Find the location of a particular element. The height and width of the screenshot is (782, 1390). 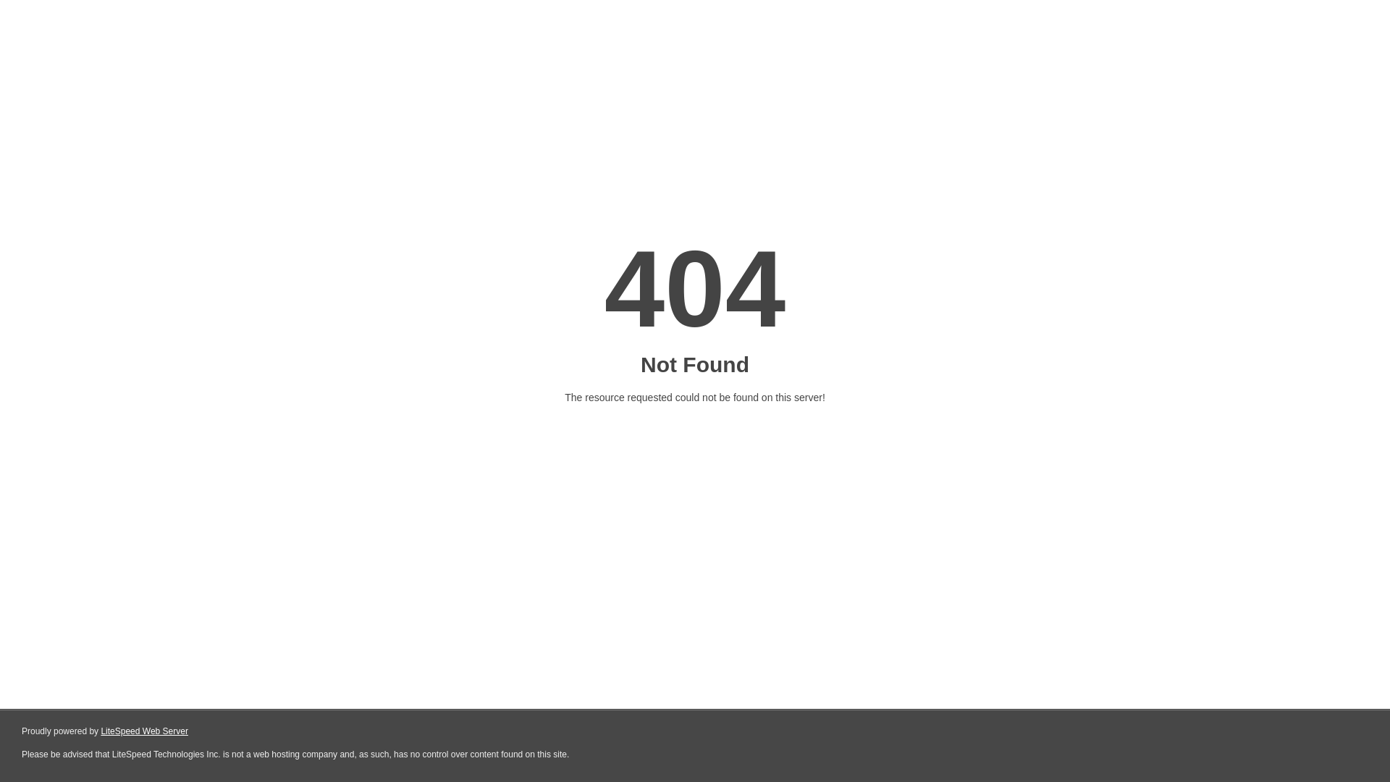

'LiteSpeed Web Server' is located at coordinates (100, 731).